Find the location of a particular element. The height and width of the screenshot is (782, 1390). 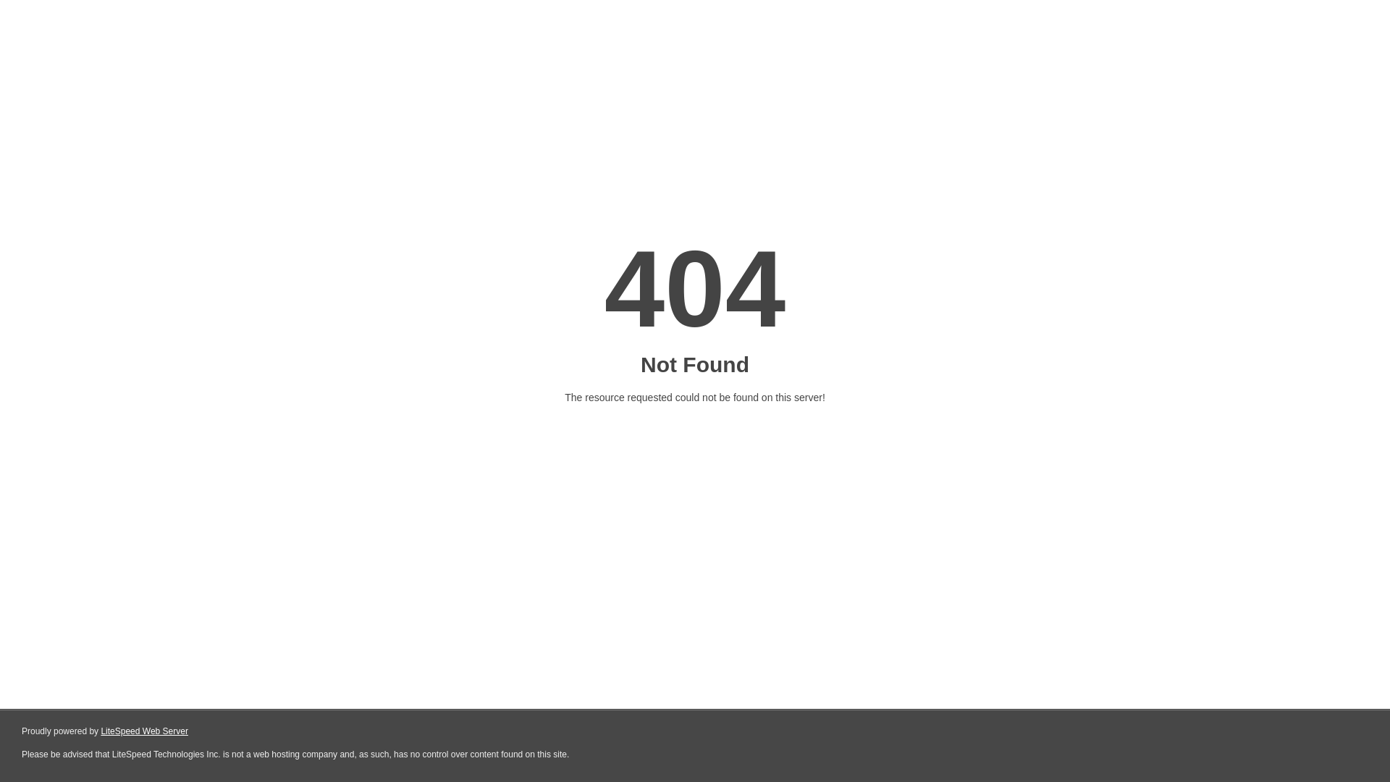

'LiteSpeed Web Server' is located at coordinates (100, 731).